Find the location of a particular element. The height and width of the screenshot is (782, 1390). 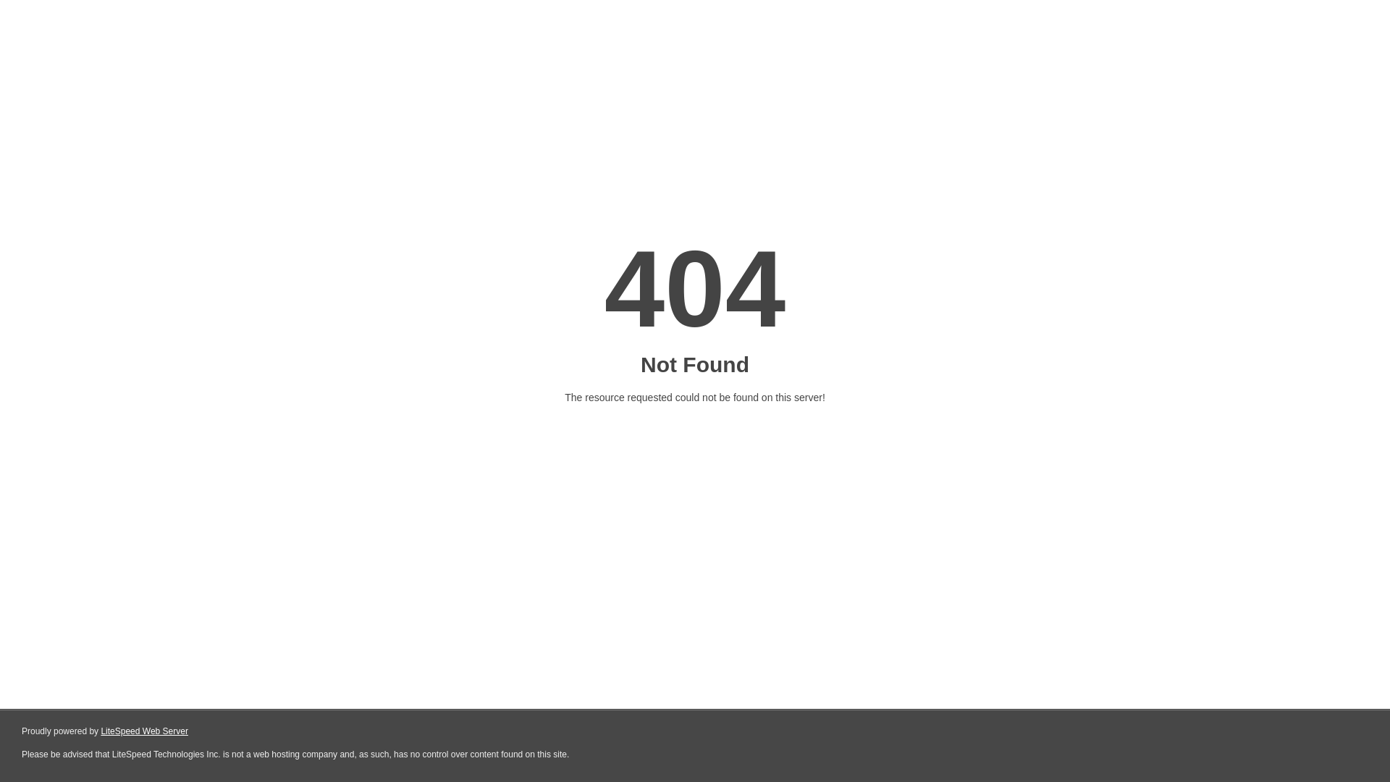

'LiteSpeed Web Server' is located at coordinates (100, 731).